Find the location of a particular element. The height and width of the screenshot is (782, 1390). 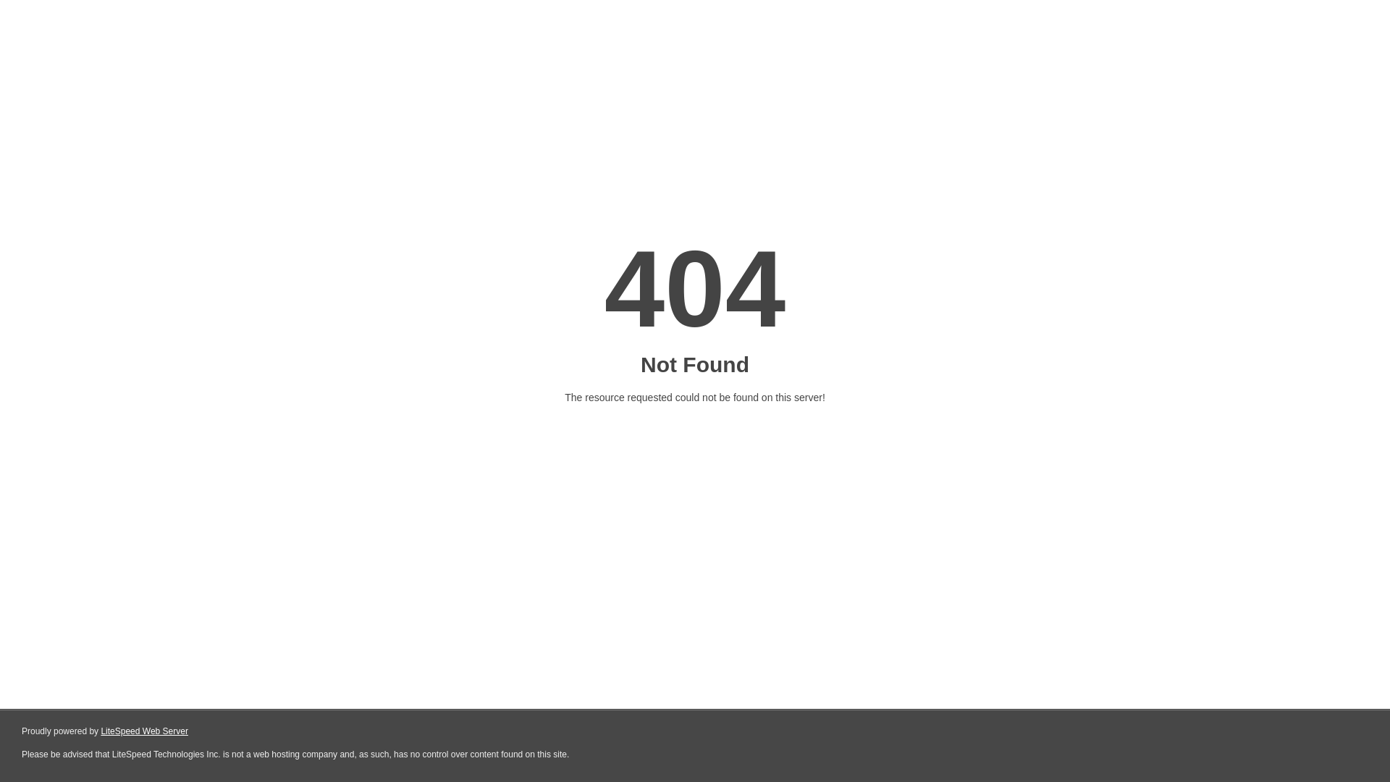

'LiteSpeed Web Server' is located at coordinates (100, 731).